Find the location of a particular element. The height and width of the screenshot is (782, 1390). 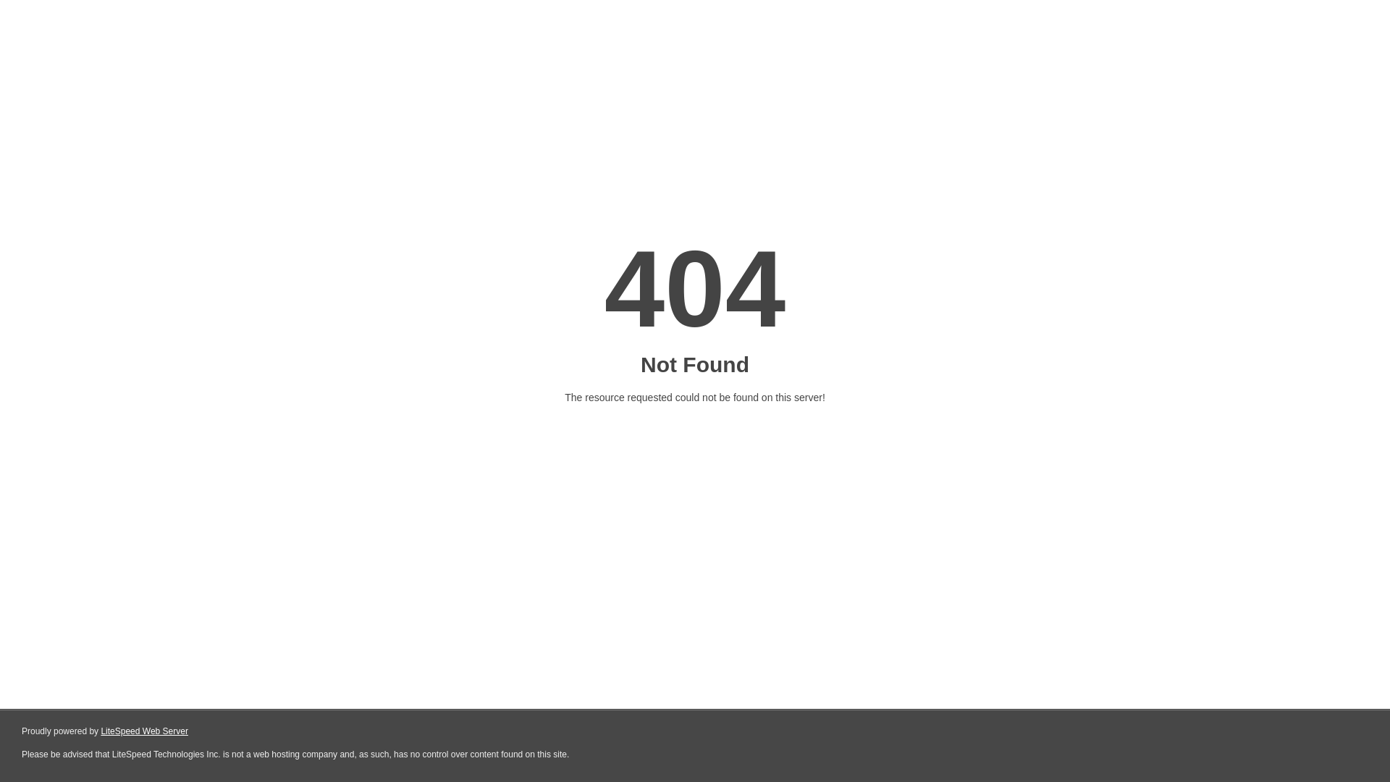

'LiteSpeed Web Server' is located at coordinates (100, 731).